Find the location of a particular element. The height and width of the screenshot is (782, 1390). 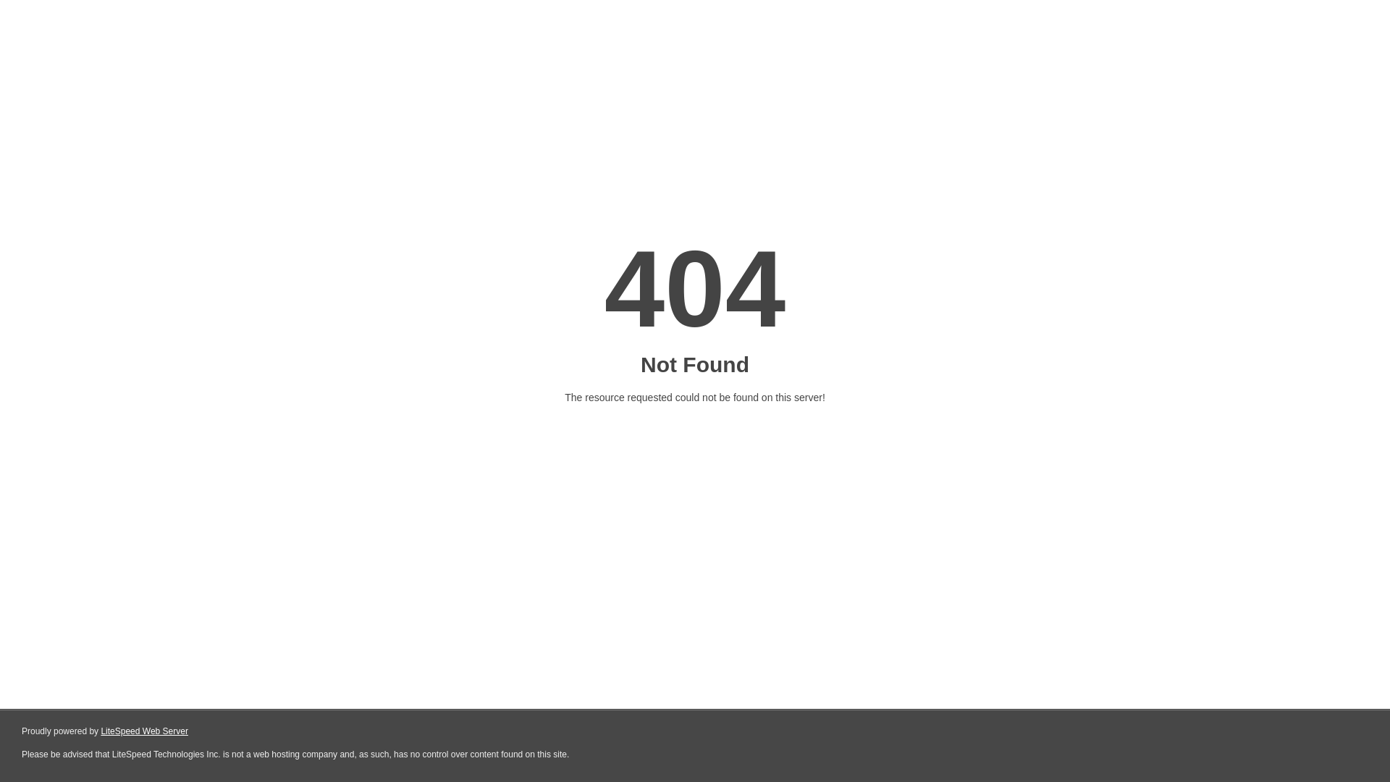

'LiteSpeed Web Server' is located at coordinates (100, 731).